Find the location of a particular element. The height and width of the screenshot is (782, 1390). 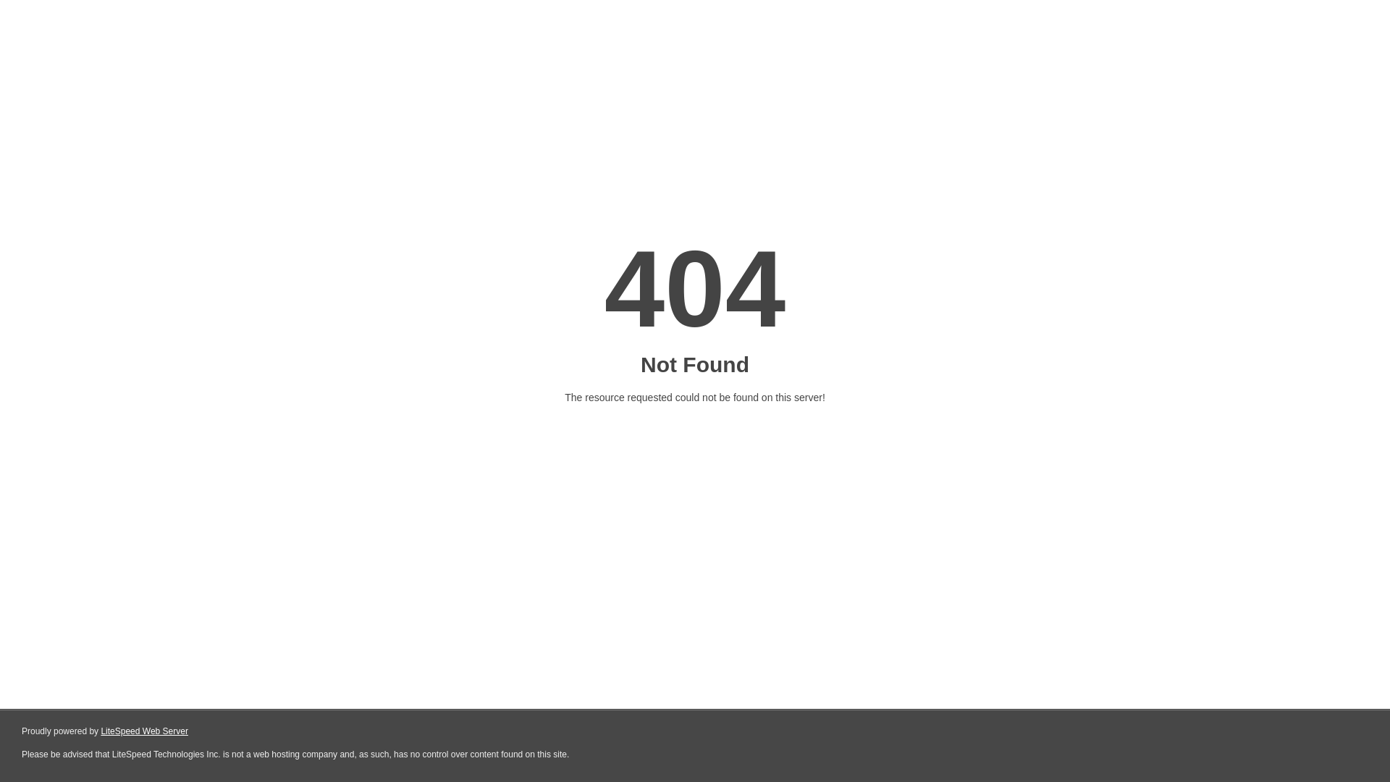

'LiteSpeed Web Server' is located at coordinates (100, 731).